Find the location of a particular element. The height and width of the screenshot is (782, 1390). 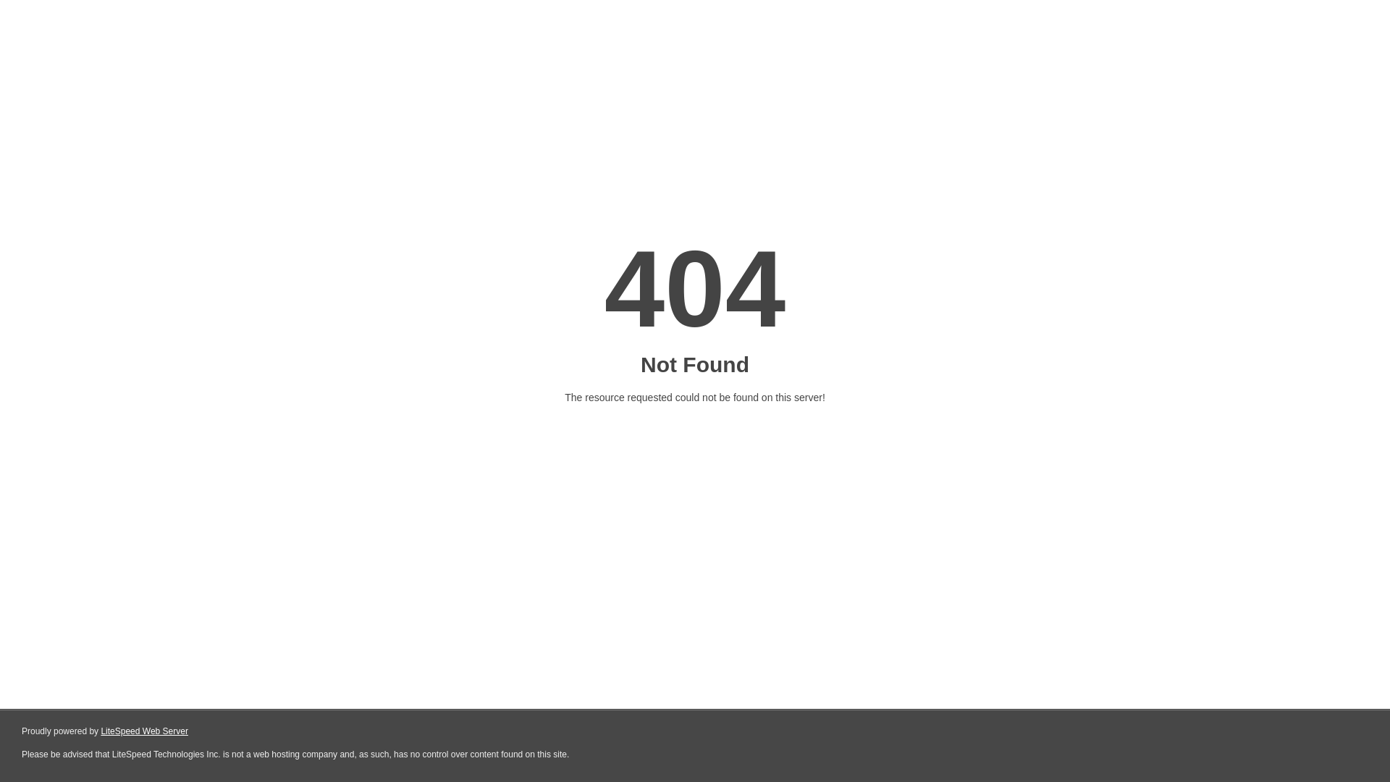

'LiteSpeed Web Server' is located at coordinates (100, 731).